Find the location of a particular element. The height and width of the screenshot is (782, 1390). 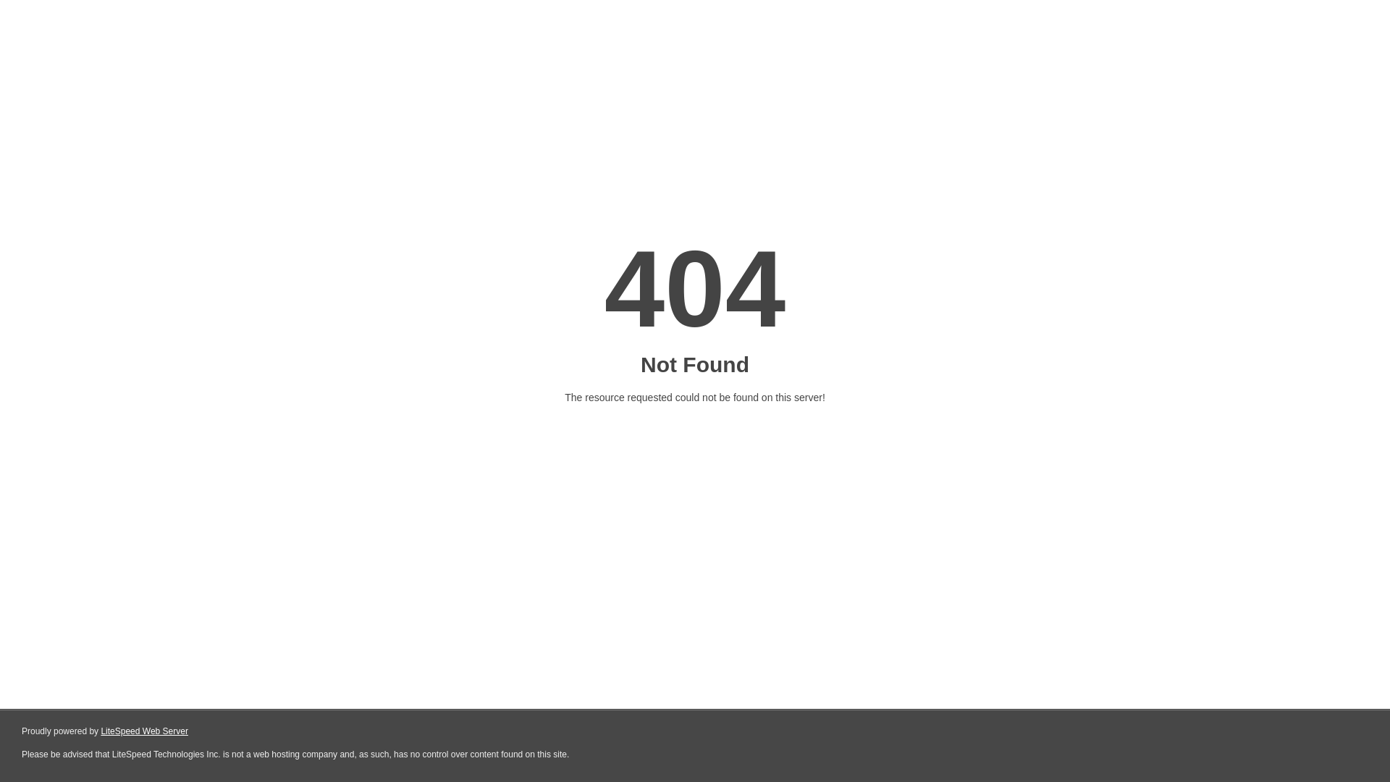

'LiteSpeed Web Server' is located at coordinates (100, 731).